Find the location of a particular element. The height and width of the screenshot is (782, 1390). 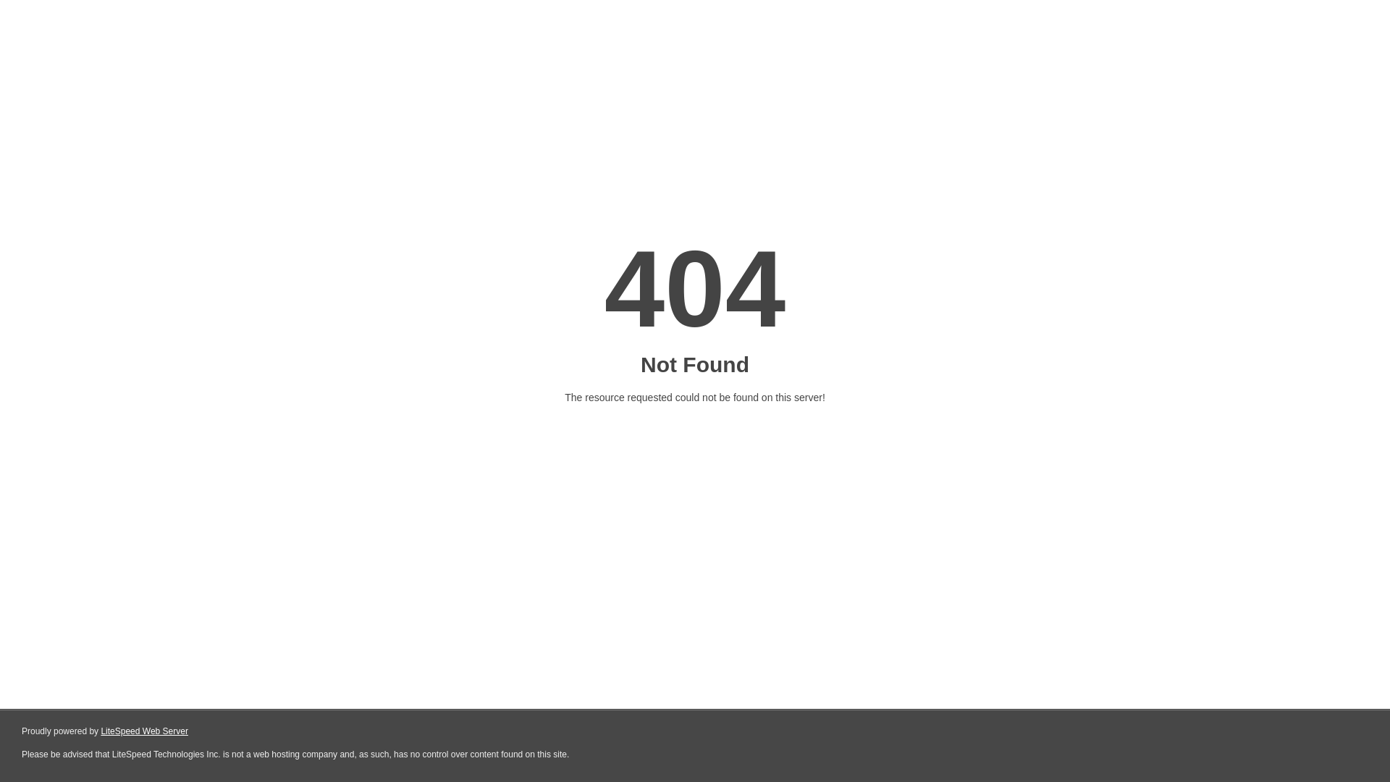

'LiteSpeed Web Server' is located at coordinates (100, 731).